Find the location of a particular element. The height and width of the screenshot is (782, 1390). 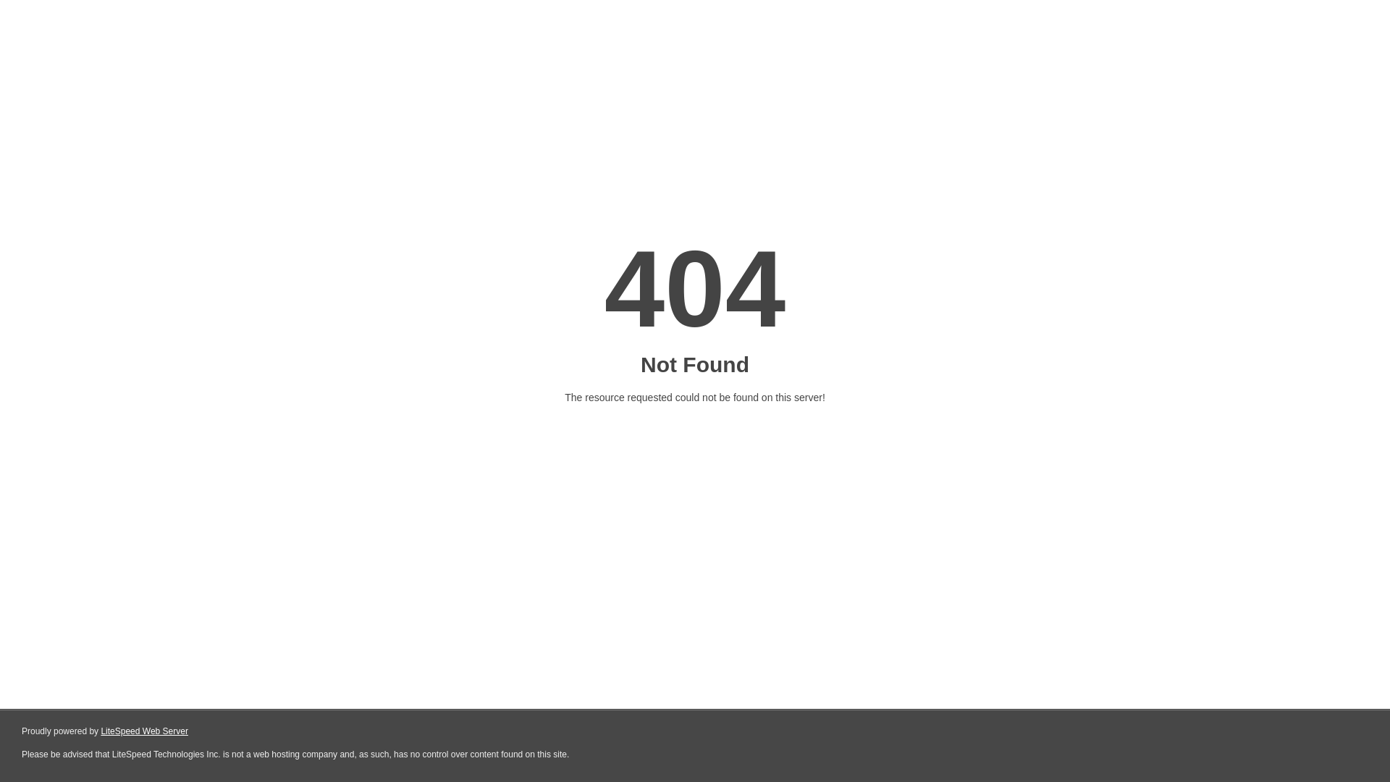

'LiteSpeed Web Server' is located at coordinates (100, 731).